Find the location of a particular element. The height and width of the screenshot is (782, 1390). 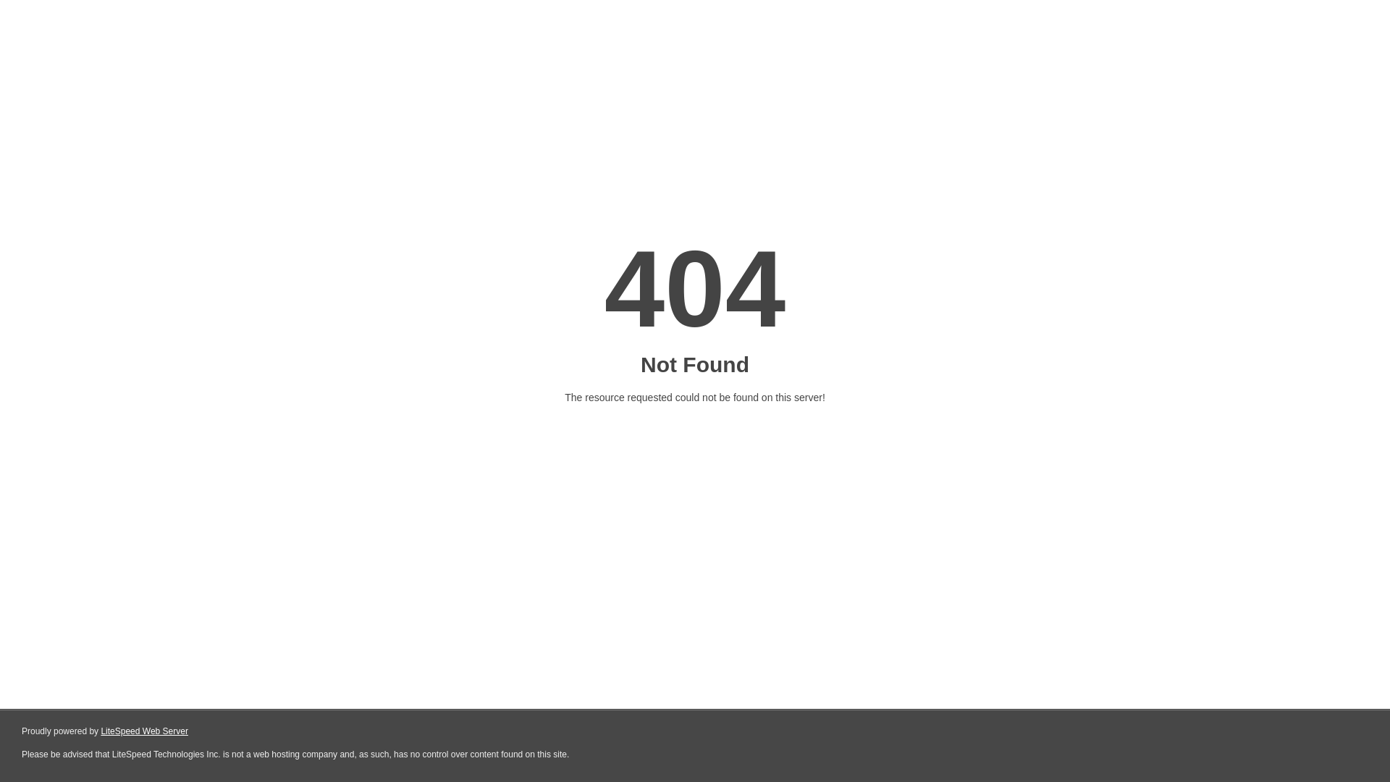

'LiteSpeed Web Server' is located at coordinates (100, 731).